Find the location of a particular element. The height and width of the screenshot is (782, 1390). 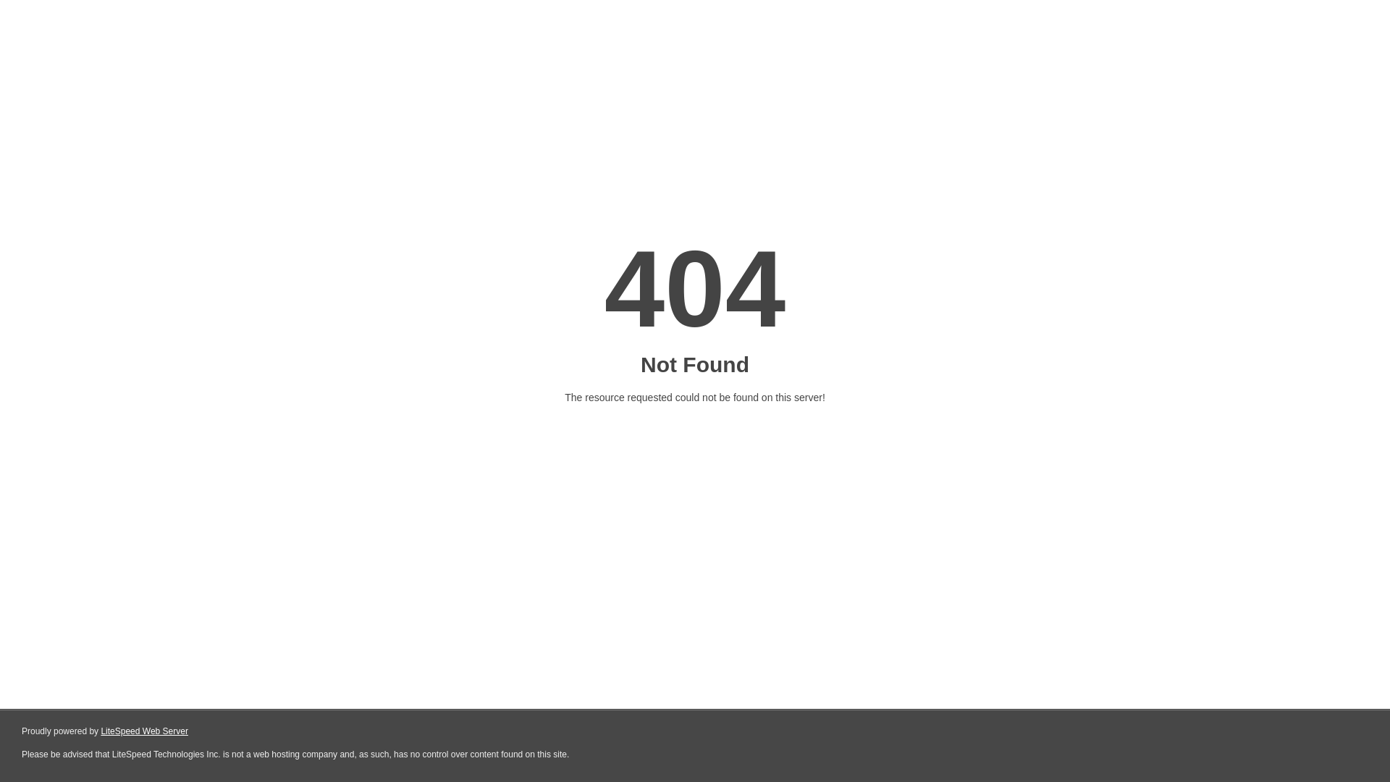

'LiteSpeed Web Server' is located at coordinates (100, 731).